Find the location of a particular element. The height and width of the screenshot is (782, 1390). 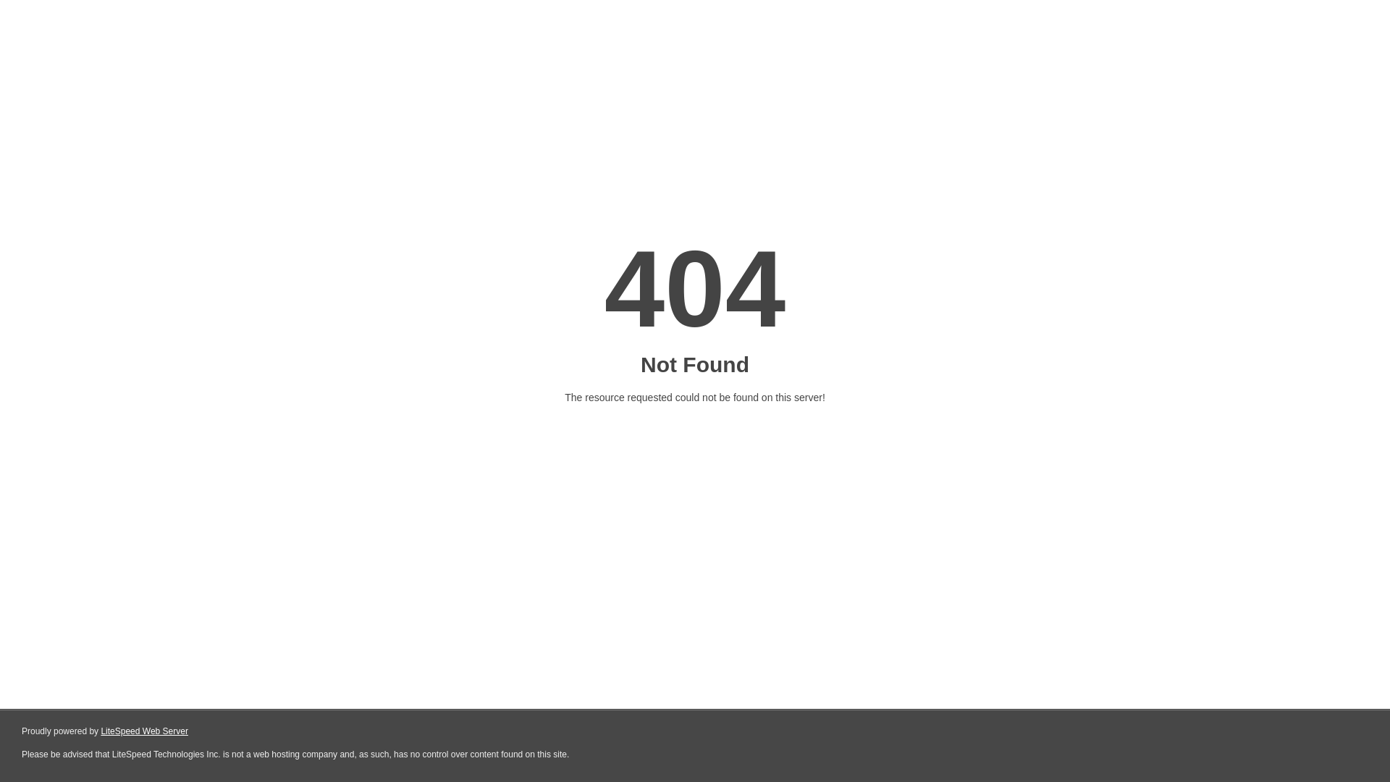

'LiteSpeed Web Server' is located at coordinates (100, 731).